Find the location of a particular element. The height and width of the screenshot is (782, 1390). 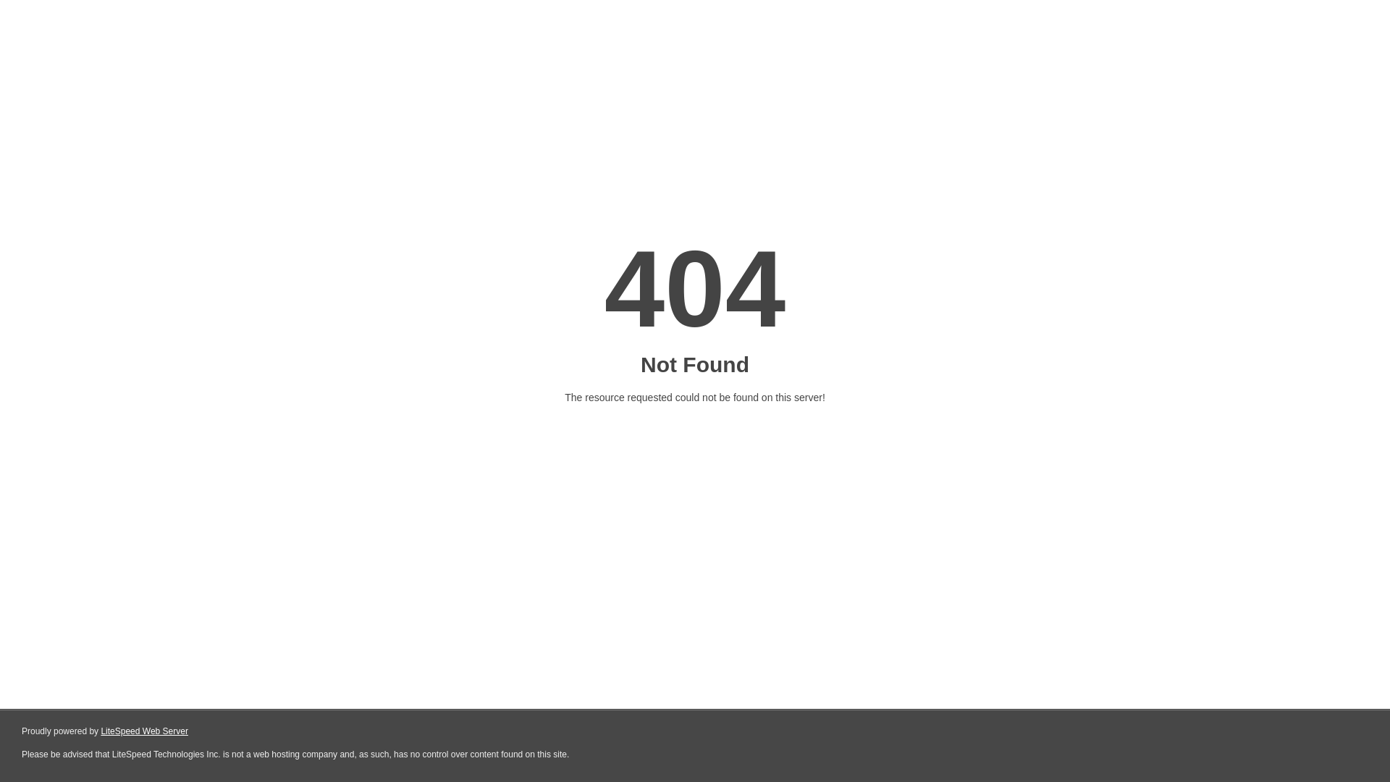

'LiteSpeed Web Server' is located at coordinates (100, 731).